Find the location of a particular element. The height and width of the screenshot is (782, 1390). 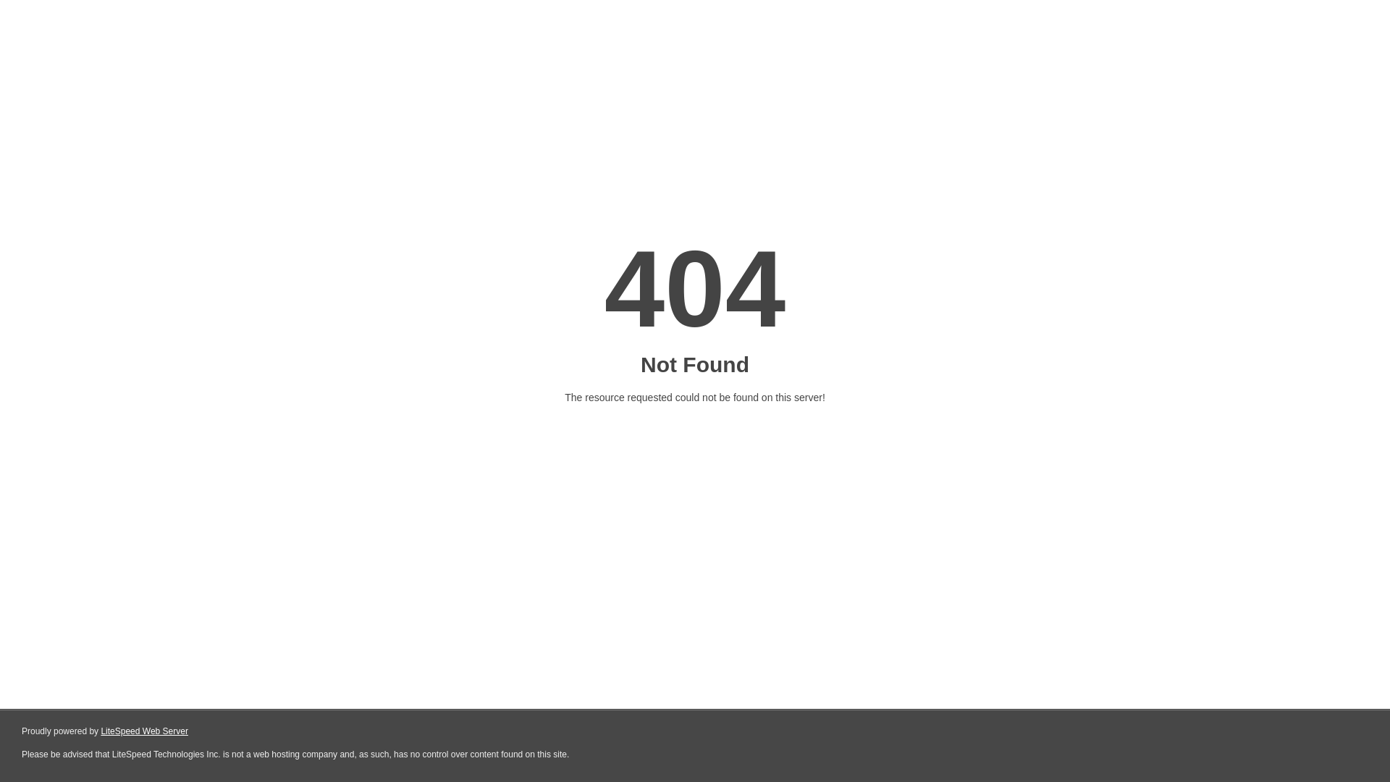

'LiteSpeed Web Server' is located at coordinates (100, 731).